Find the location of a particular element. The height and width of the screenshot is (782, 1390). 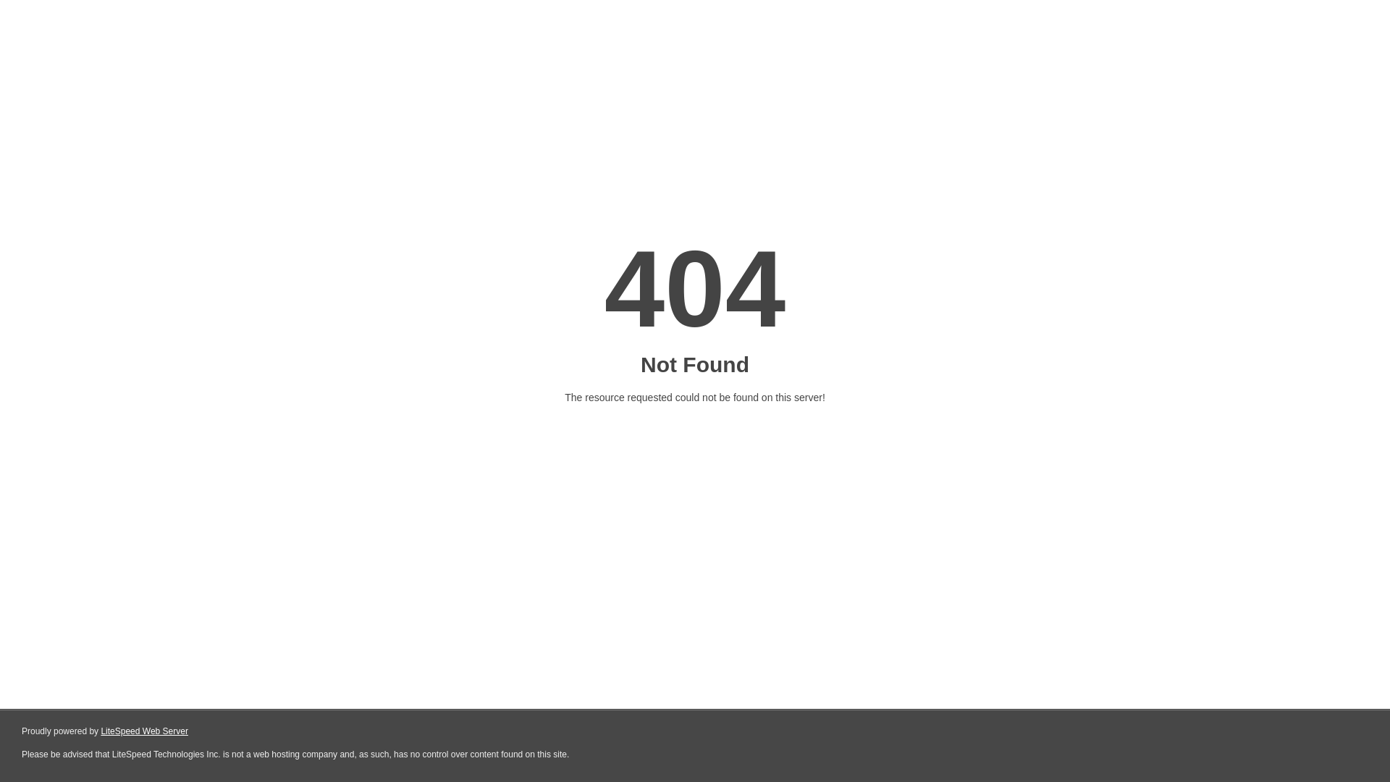

'LiteSpeed Web Server' is located at coordinates (100, 731).